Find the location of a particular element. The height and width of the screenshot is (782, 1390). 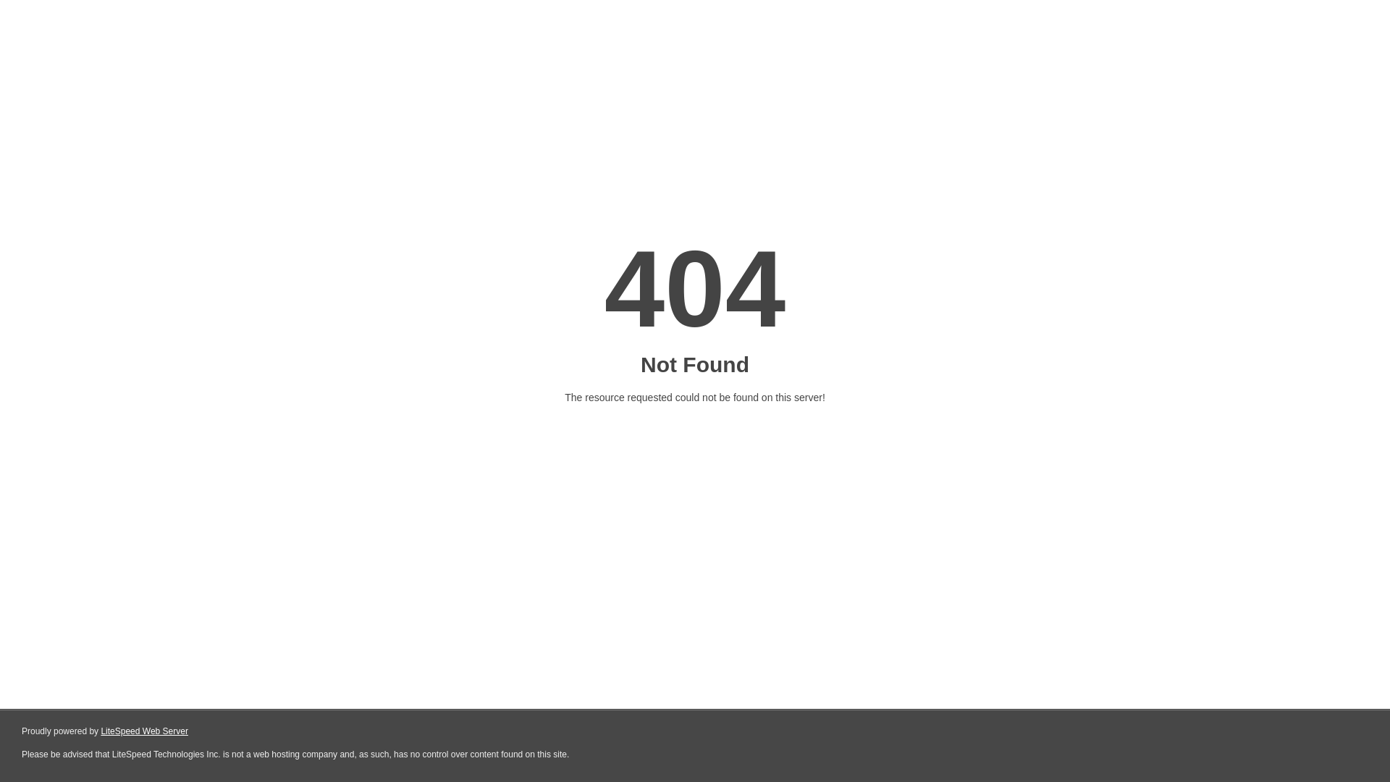

'LiteSpeed Web Server' is located at coordinates (100, 731).